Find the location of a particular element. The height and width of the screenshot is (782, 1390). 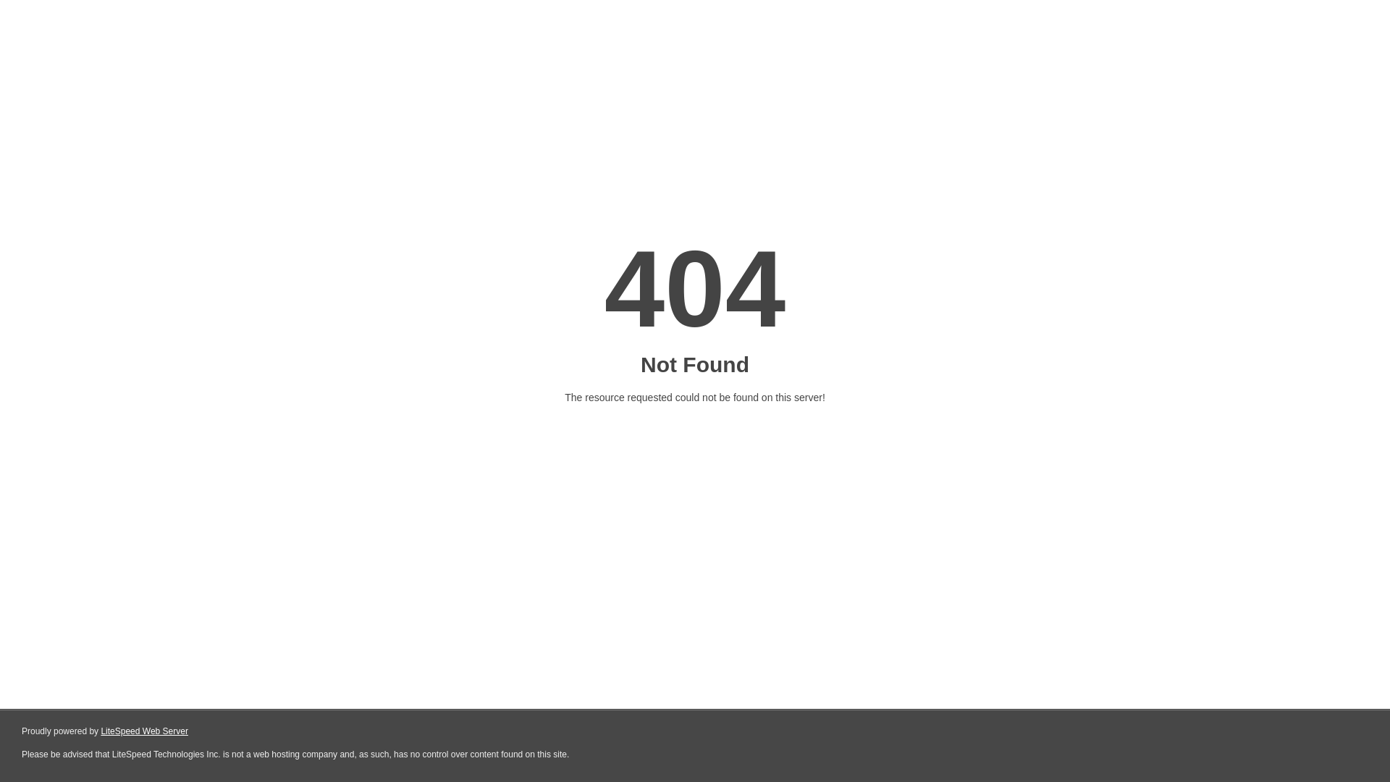

'LiteSpeed Web Server' is located at coordinates (100, 731).